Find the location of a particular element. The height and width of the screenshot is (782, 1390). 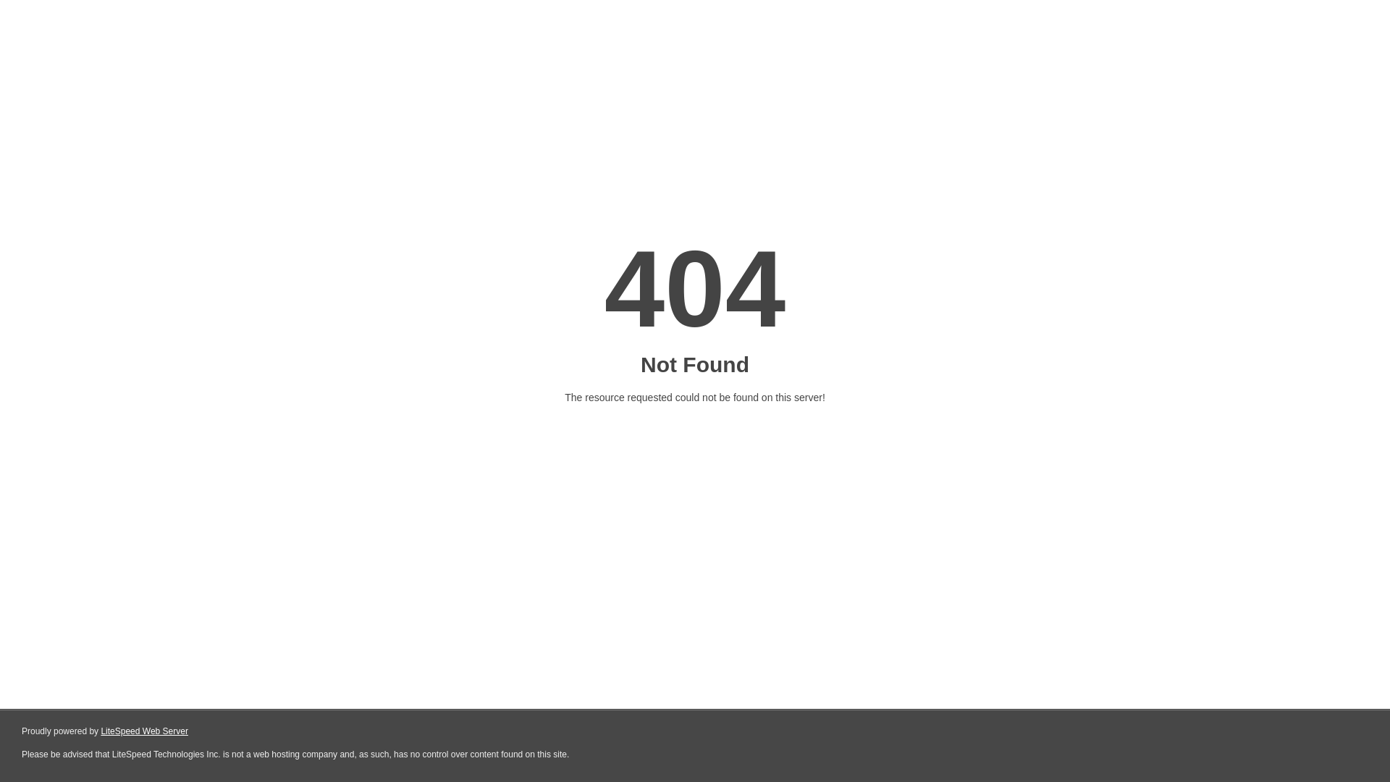

'LiteSpeed Web Server' is located at coordinates (100, 731).